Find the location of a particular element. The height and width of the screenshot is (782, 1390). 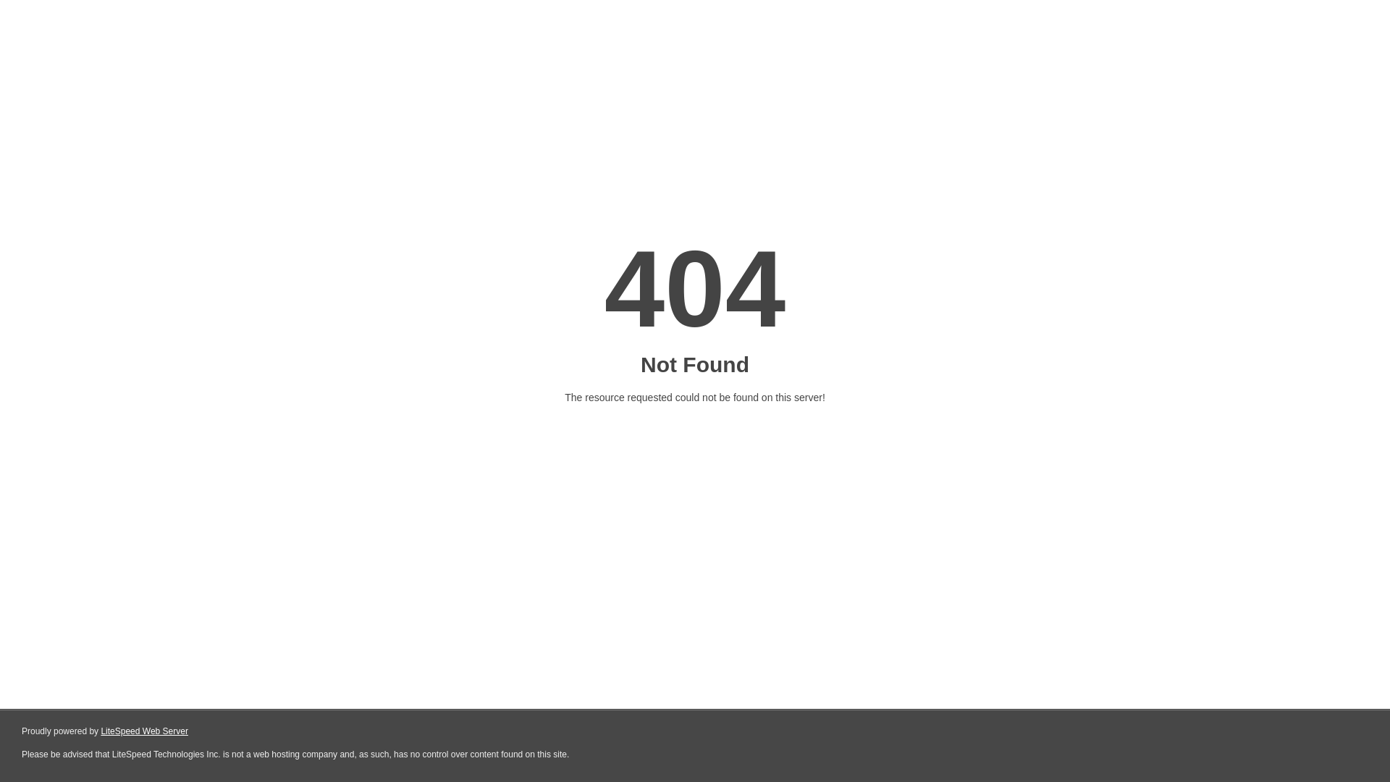

'LiteSpeed Web Server' is located at coordinates (100, 731).